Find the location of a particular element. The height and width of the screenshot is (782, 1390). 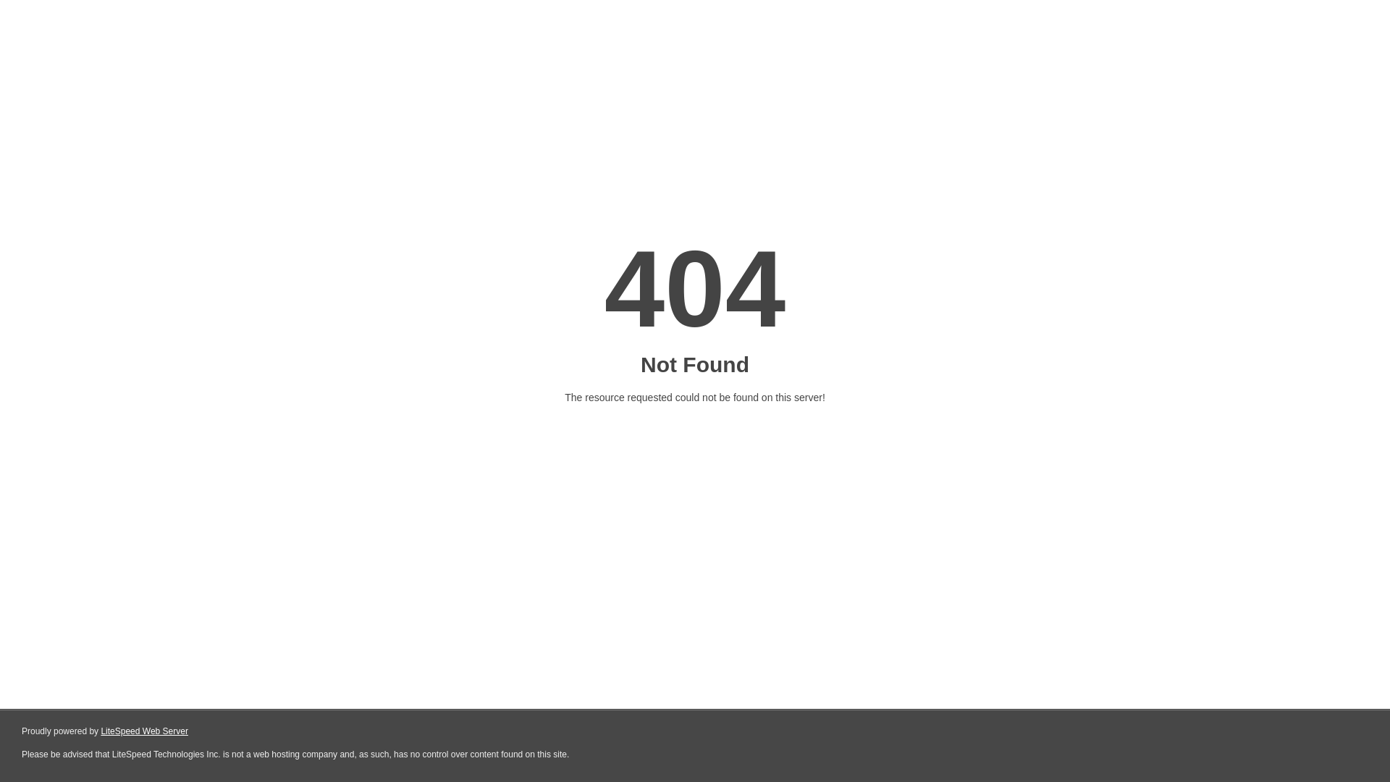

'LiteSpeed Web Server' is located at coordinates (100, 731).